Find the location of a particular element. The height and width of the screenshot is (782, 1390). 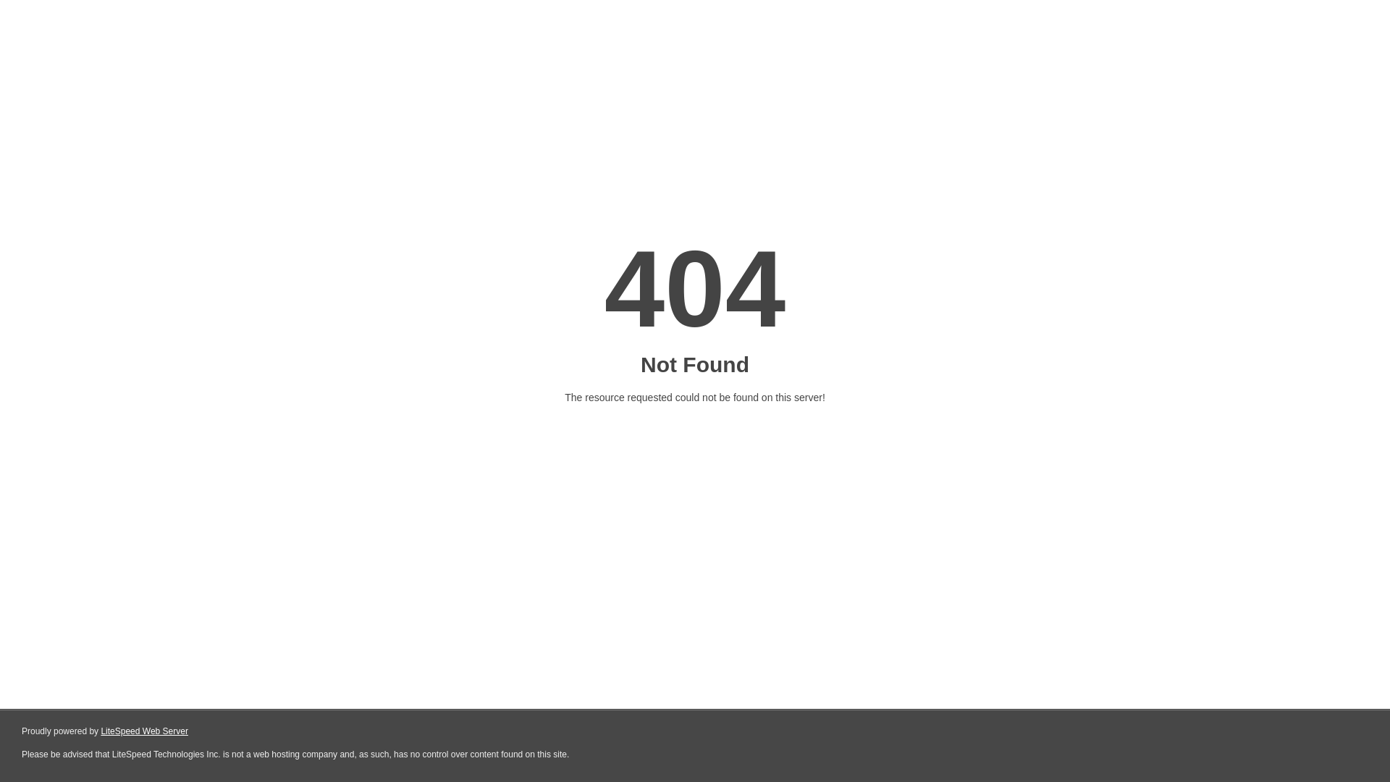

'LiteSpeed Web Server' is located at coordinates (100, 731).